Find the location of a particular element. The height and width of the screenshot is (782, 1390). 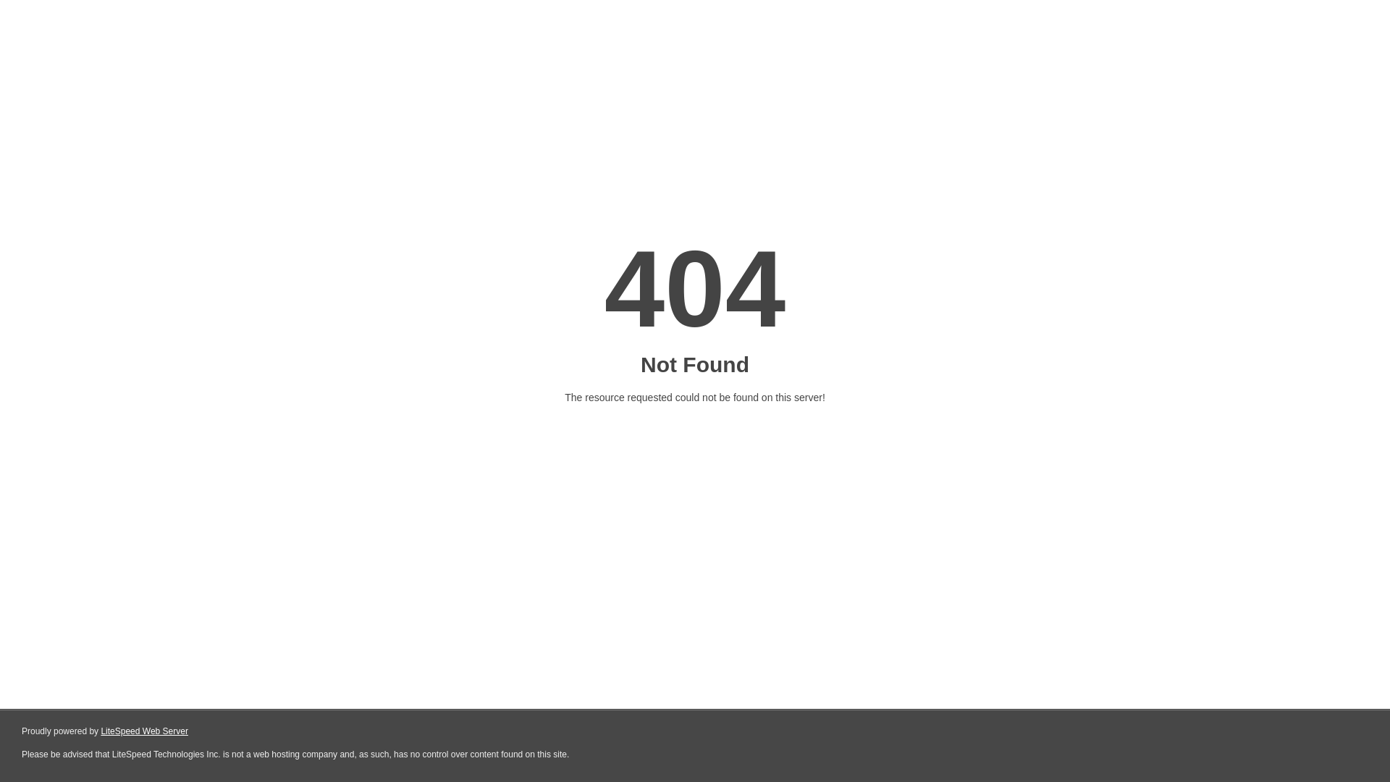

'LiteSpeed Web Server' is located at coordinates (100, 731).